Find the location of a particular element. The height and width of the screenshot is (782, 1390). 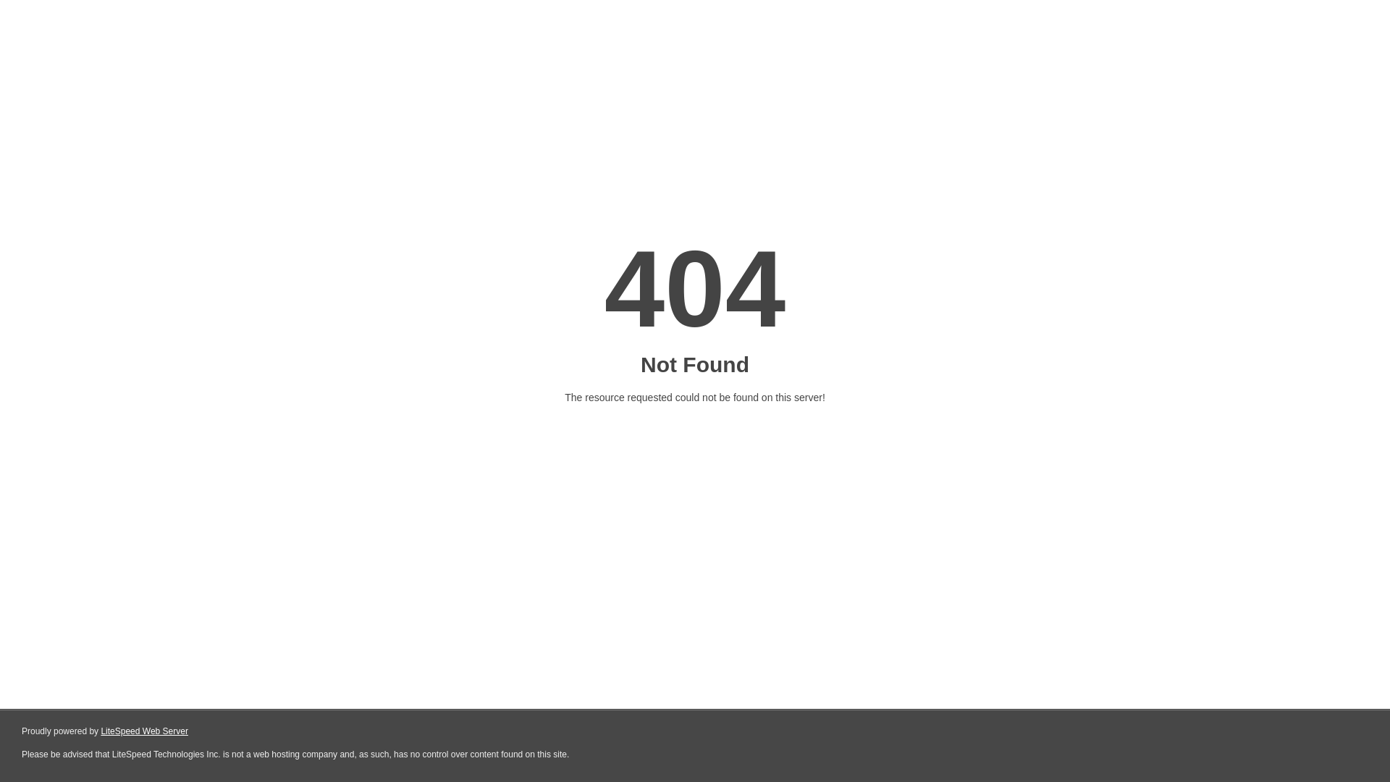

'LiteSpeed Web Server' is located at coordinates (100, 731).